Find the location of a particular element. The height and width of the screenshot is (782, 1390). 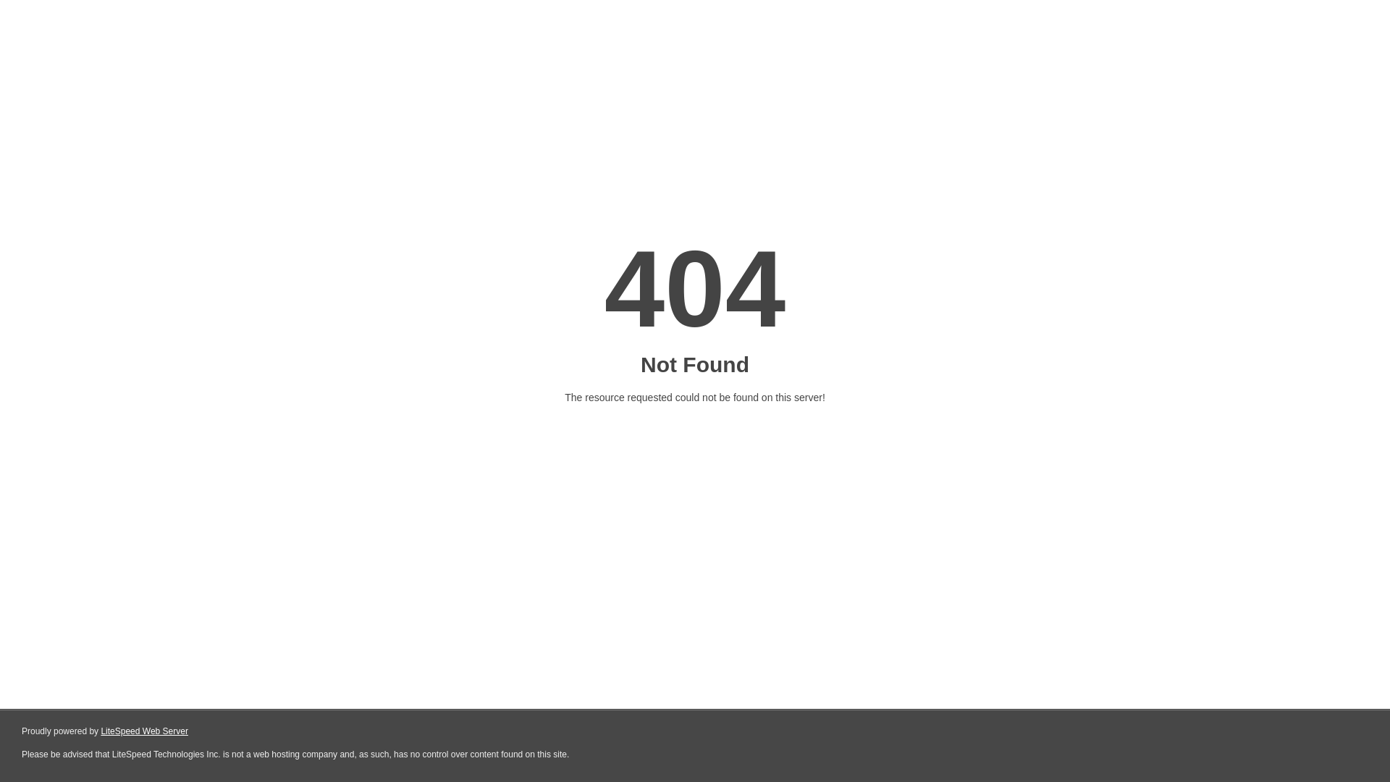

'LiteSpeed Web Server' is located at coordinates (100, 731).